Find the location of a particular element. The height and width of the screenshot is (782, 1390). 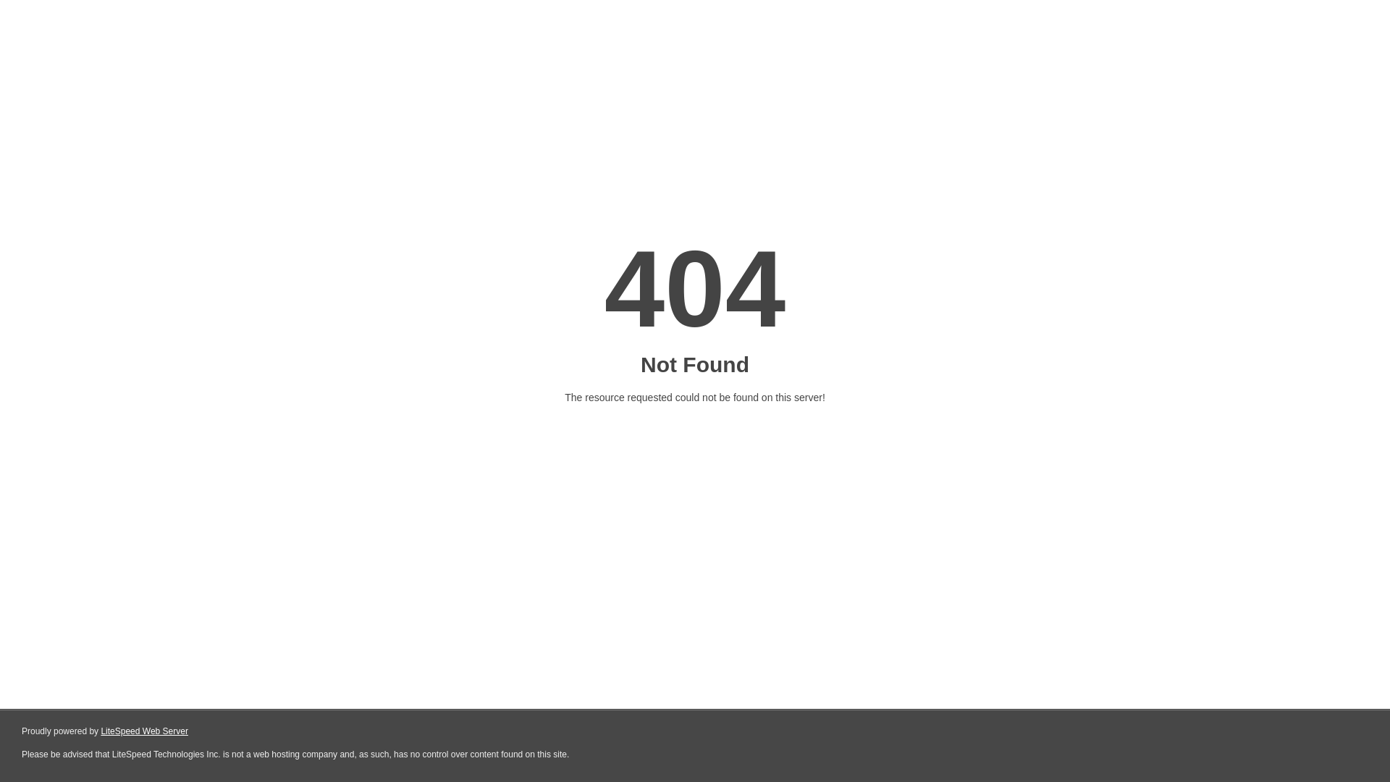

'LiteSpeed Web Server' is located at coordinates (100, 731).